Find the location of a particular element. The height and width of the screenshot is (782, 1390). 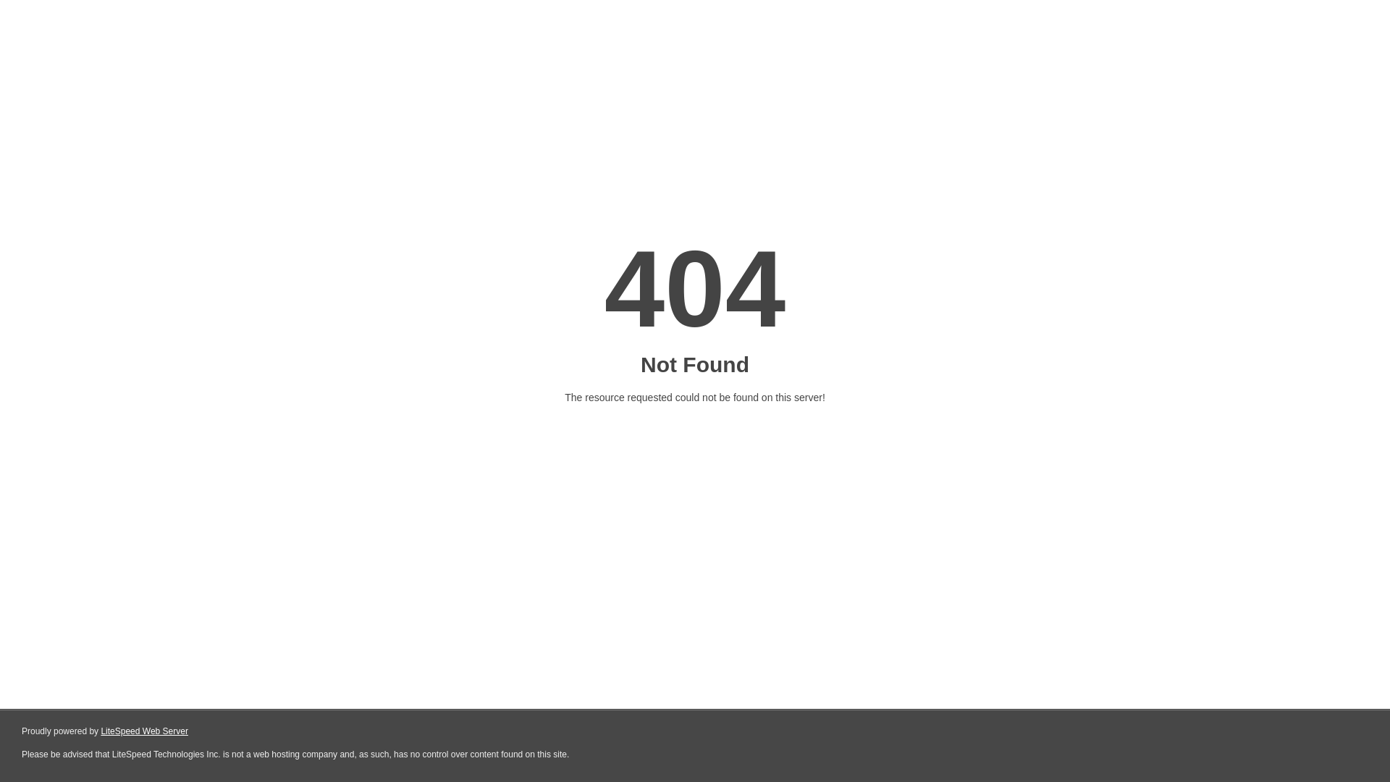

'LiteSpeed Web Server' is located at coordinates (100, 731).